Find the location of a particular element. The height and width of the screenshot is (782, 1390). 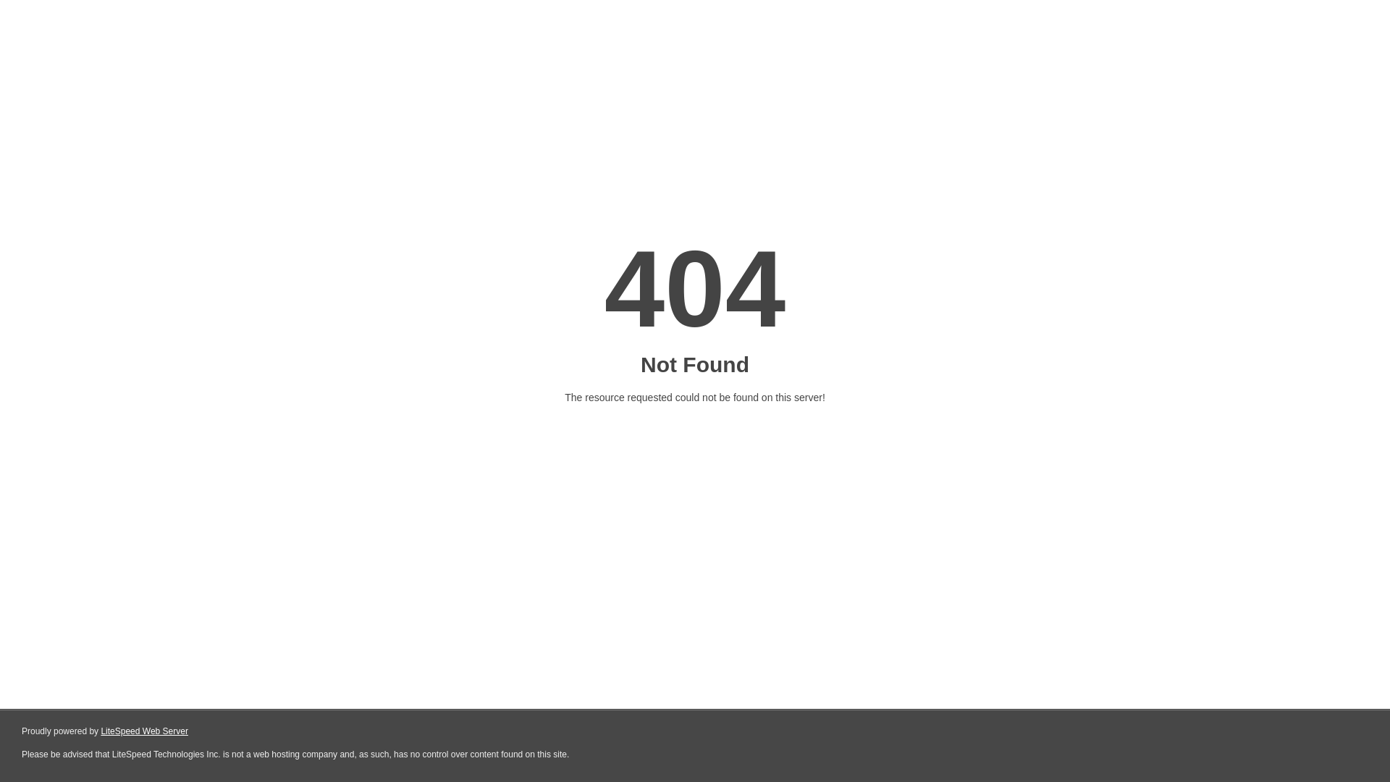

'LiteSpeed Web Server' is located at coordinates (100, 731).